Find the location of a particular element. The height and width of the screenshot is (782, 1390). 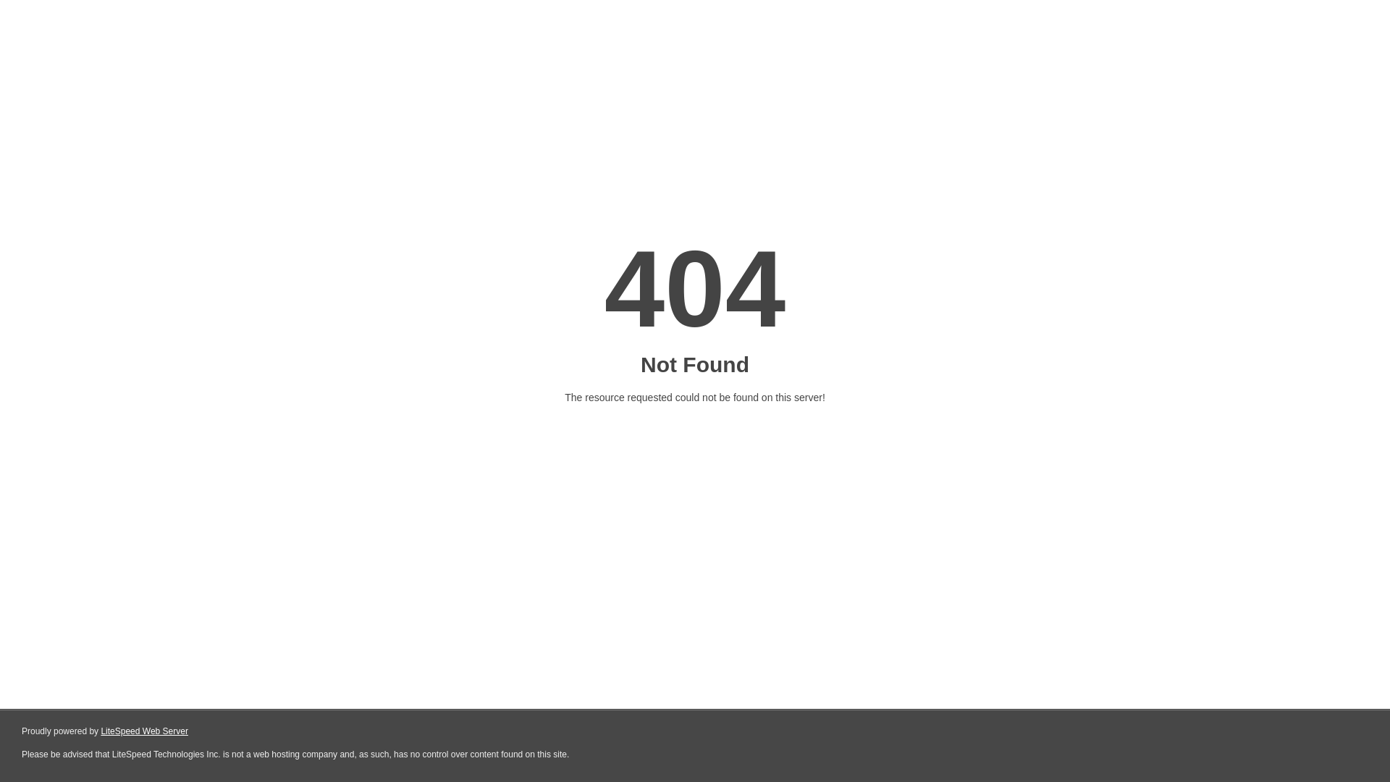

'LiteSpeed Web Server' is located at coordinates (100, 731).